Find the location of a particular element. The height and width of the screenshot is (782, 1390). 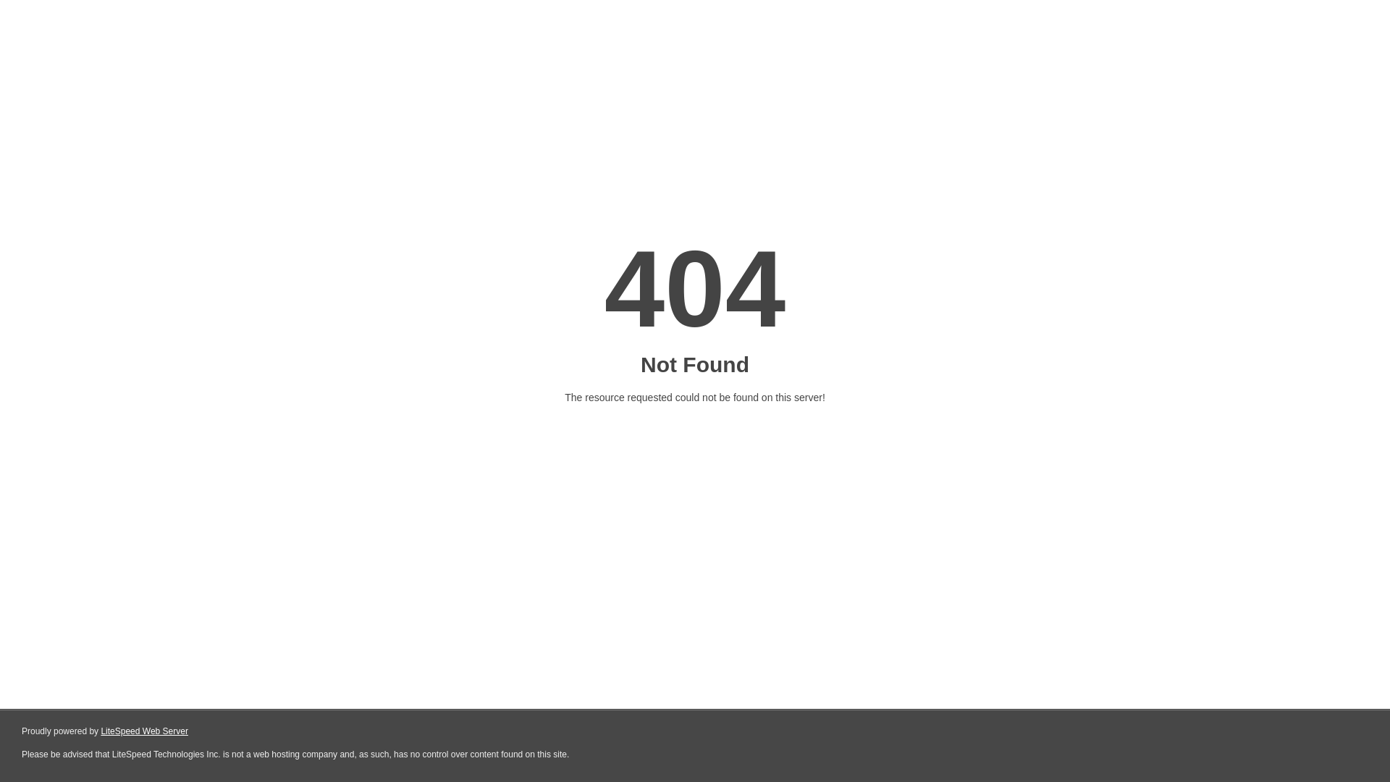

'LiteSpeed Web Server' is located at coordinates (100, 731).